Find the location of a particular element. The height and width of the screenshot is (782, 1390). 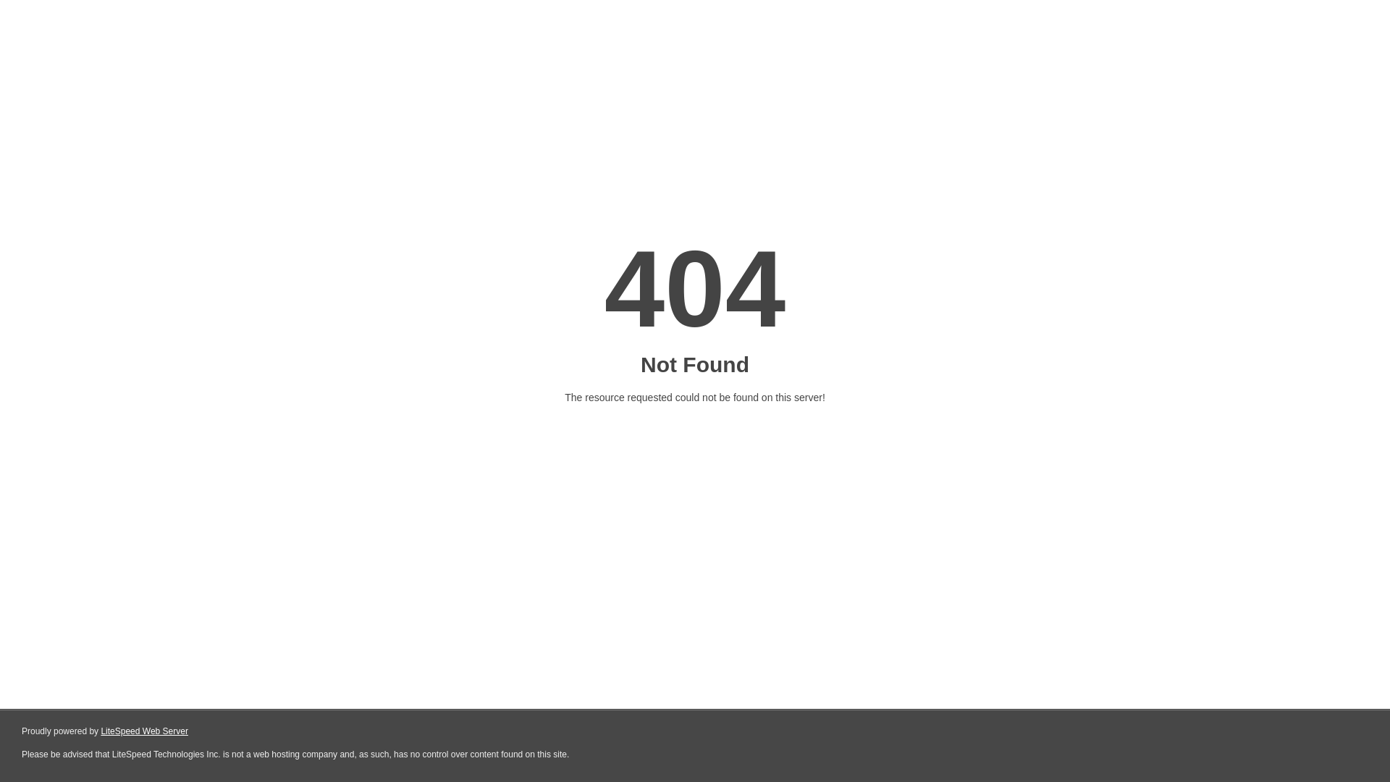

'LiteSpeed Web Server' is located at coordinates (100, 731).